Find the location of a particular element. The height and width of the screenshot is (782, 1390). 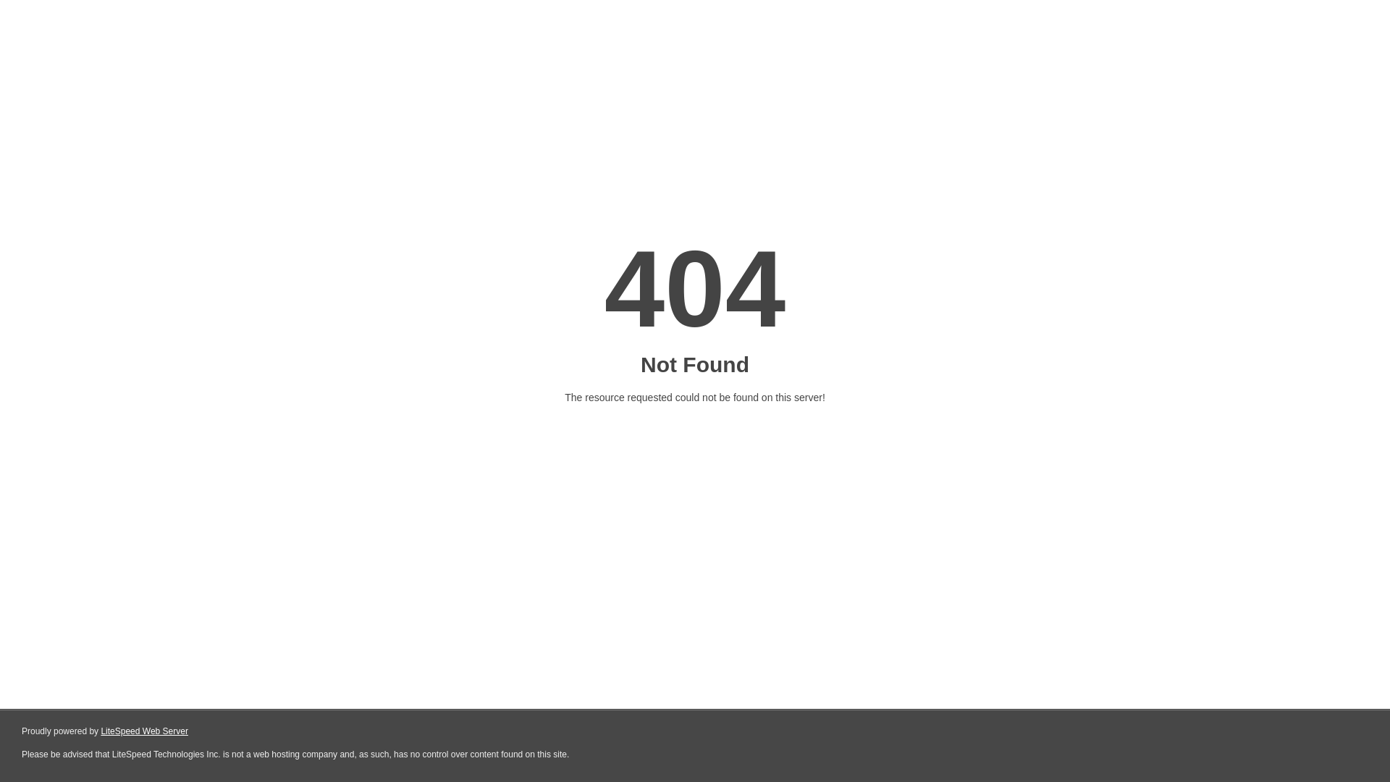

'LiteSpeed Web Server' is located at coordinates (100, 731).